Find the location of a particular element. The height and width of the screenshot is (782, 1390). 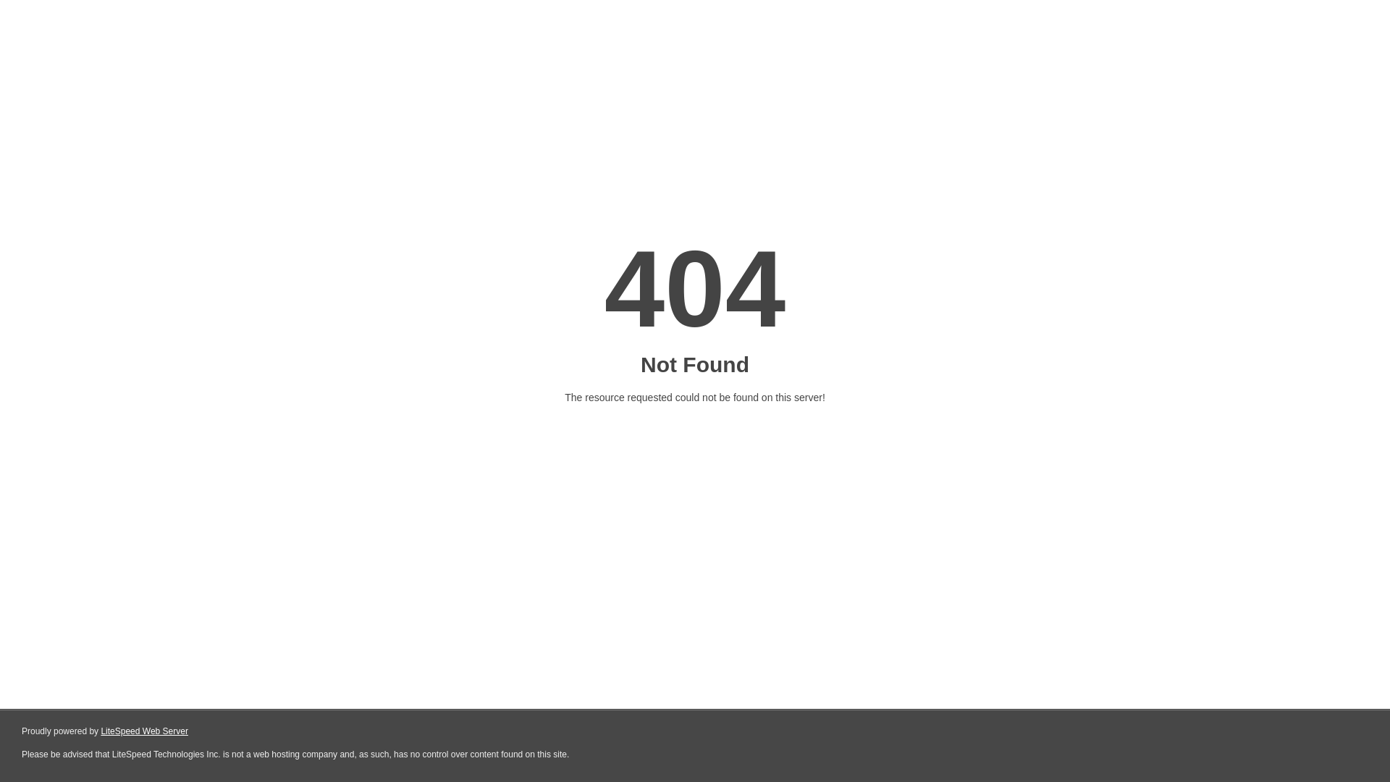

'LiteSpeed Web Server' is located at coordinates (100, 731).